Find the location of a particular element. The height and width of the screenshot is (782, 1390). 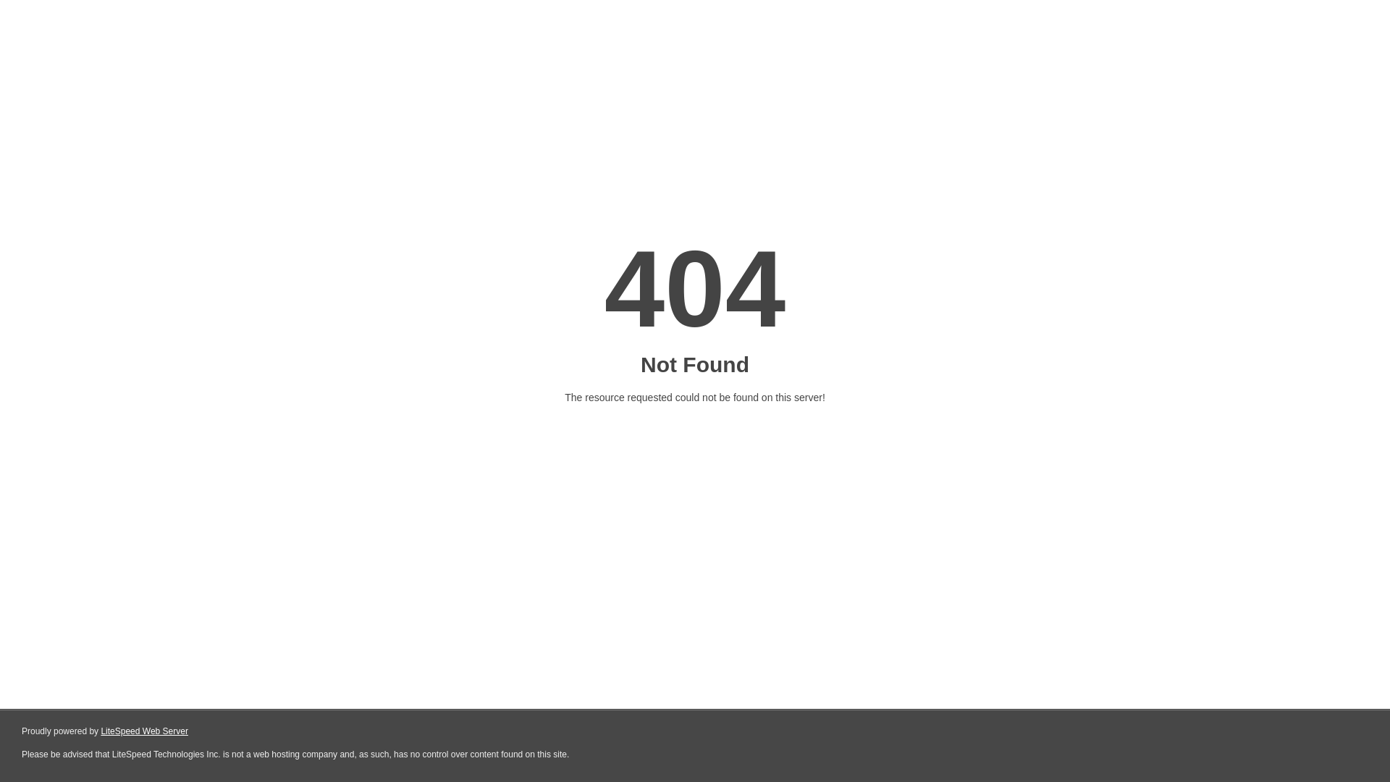

'LiteSpeed Web Server' is located at coordinates (100, 731).